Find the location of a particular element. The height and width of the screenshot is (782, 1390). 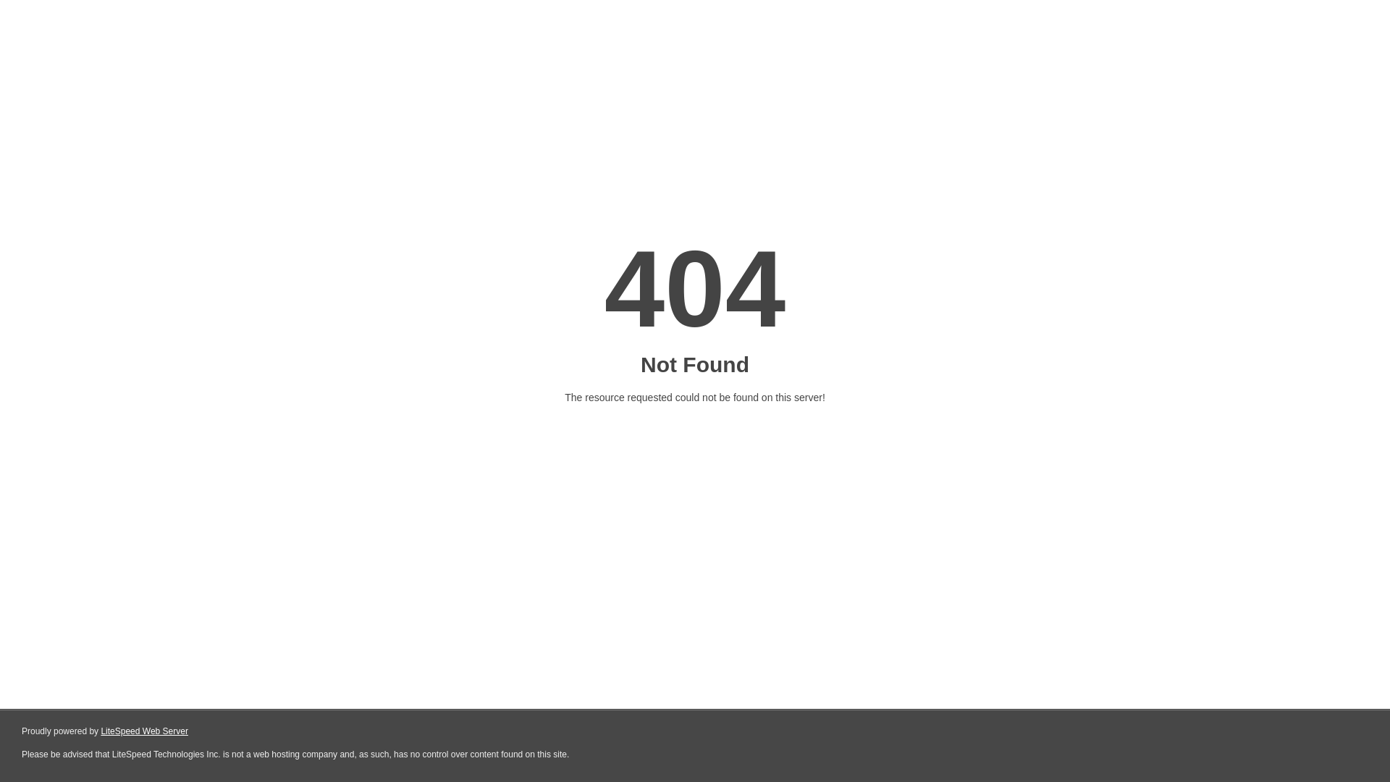

'LiteSpeed Web Server' is located at coordinates (100, 731).